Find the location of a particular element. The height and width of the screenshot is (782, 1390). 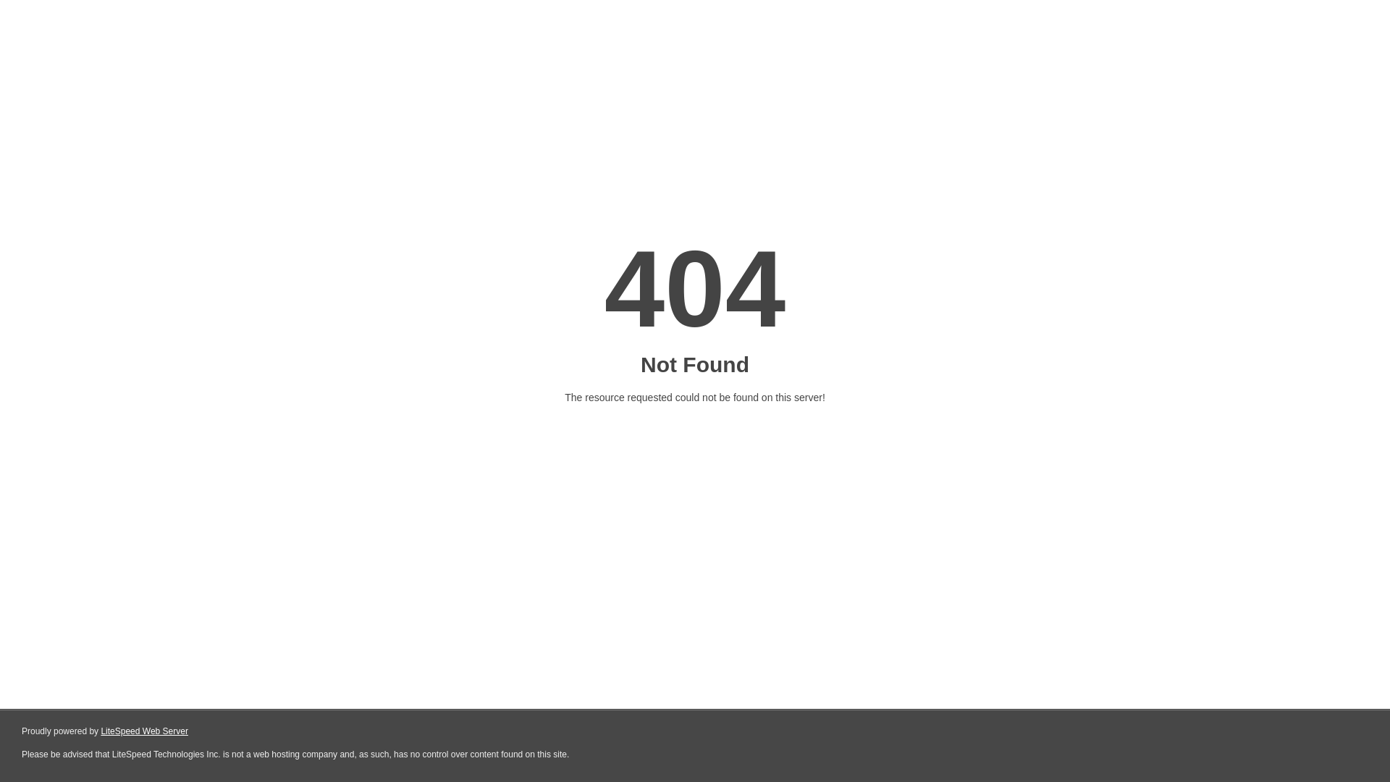

'LiteSpeed Web Server' is located at coordinates (100, 731).